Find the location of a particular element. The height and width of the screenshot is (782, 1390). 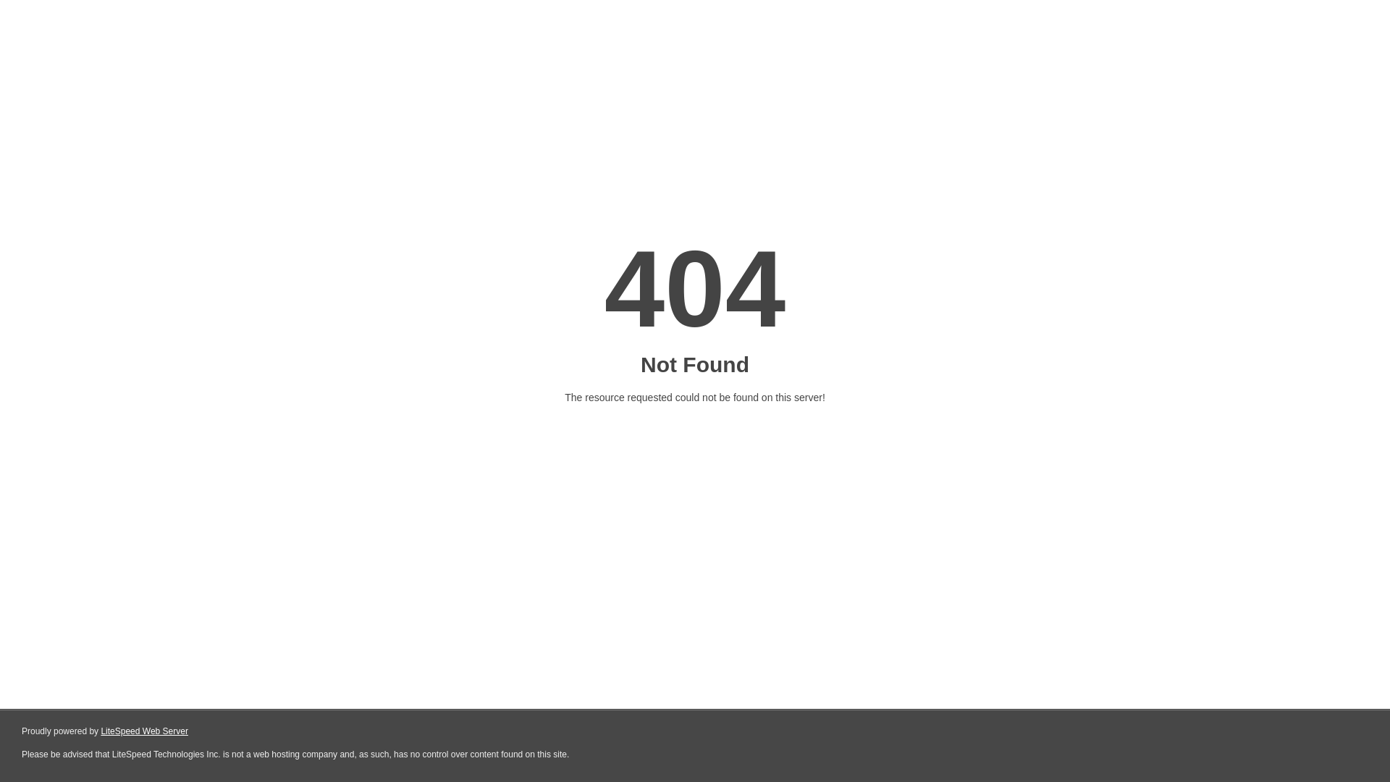

'LiteSpeed Web Server' is located at coordinates (100, 731).